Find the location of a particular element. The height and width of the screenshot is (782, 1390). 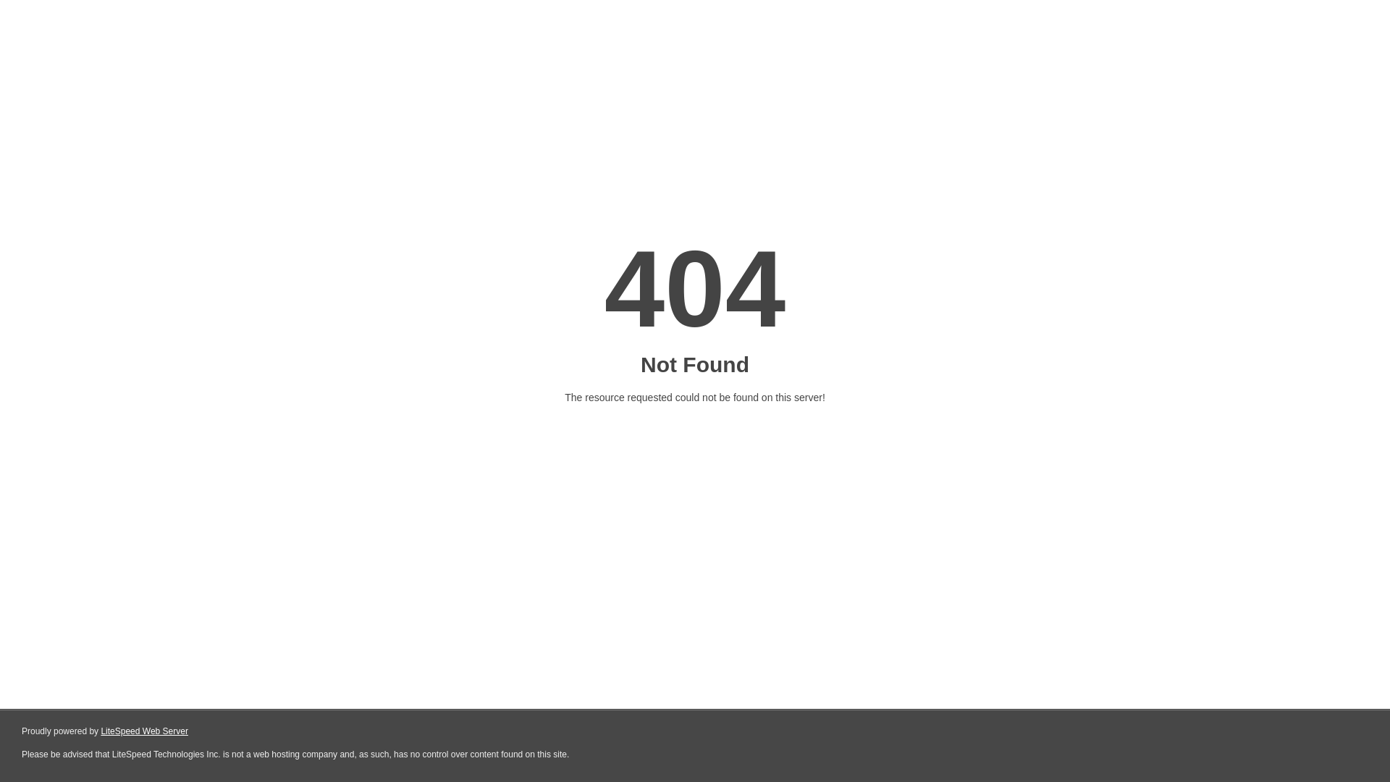

'LiteSpeed Web Server' is located at coordinates (100, 731).